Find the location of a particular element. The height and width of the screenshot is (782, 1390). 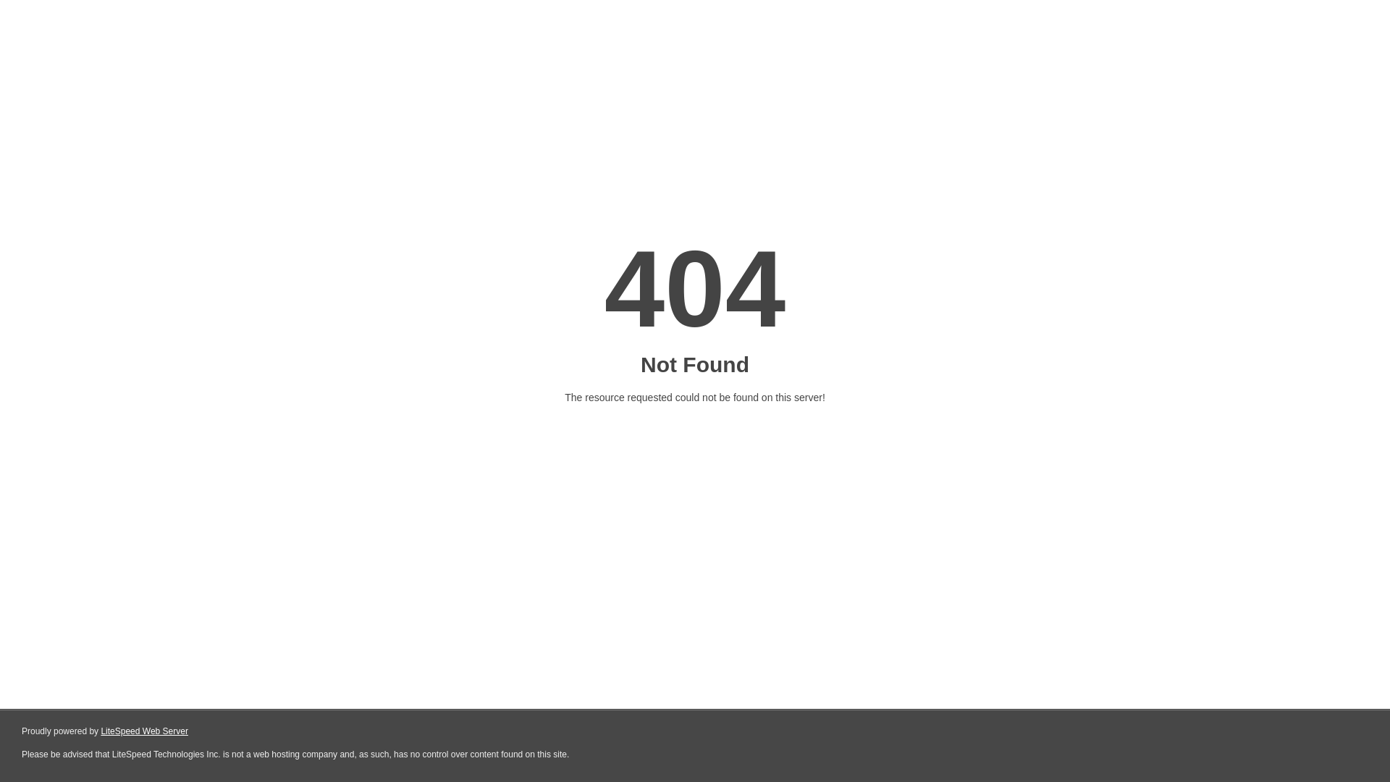

'LiteSpeed Web Server' is located at coordinates (100, 731).